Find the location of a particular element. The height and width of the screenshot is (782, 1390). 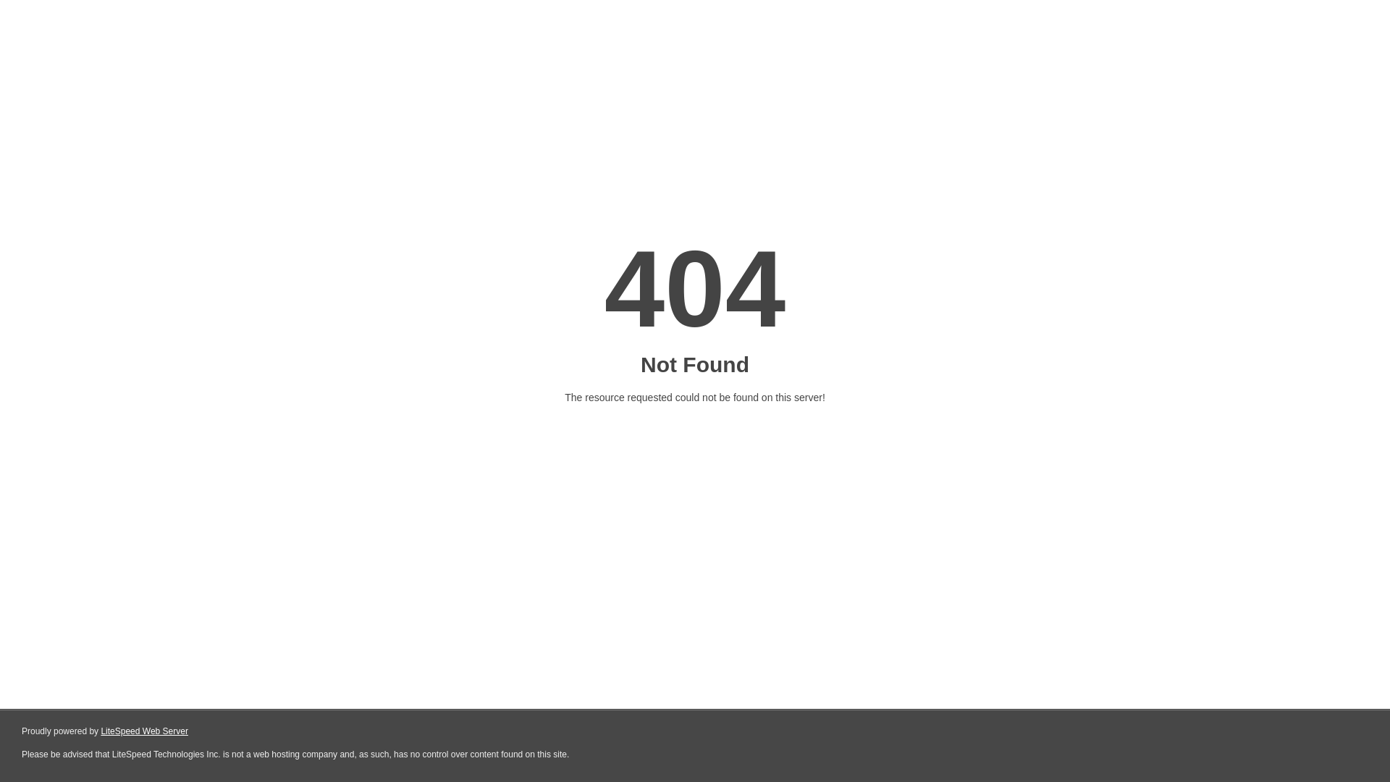

'LiteSpeed Web Server' is located at coordinates (100, 731).